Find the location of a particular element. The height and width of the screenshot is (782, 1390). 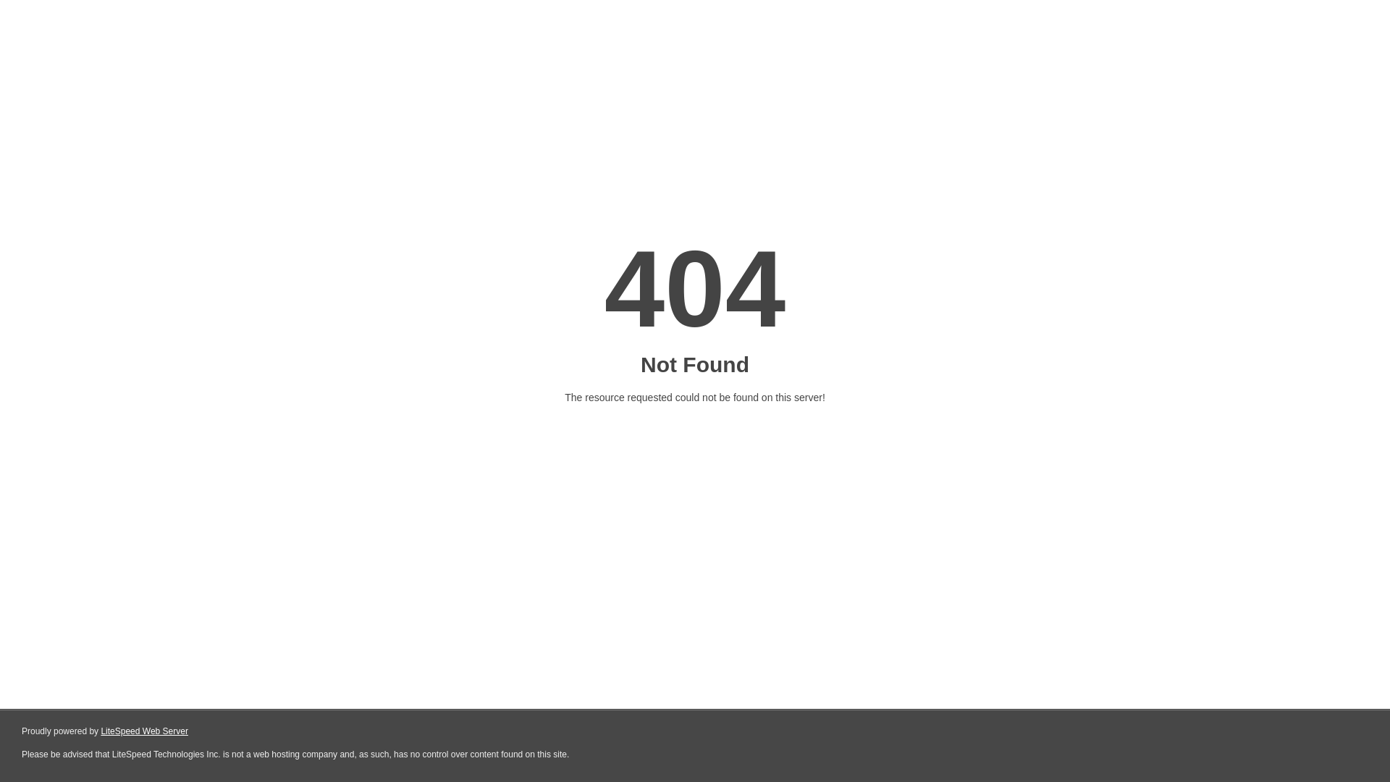

'LiteSpeed Web Server' is located at coordinates (100, 731).